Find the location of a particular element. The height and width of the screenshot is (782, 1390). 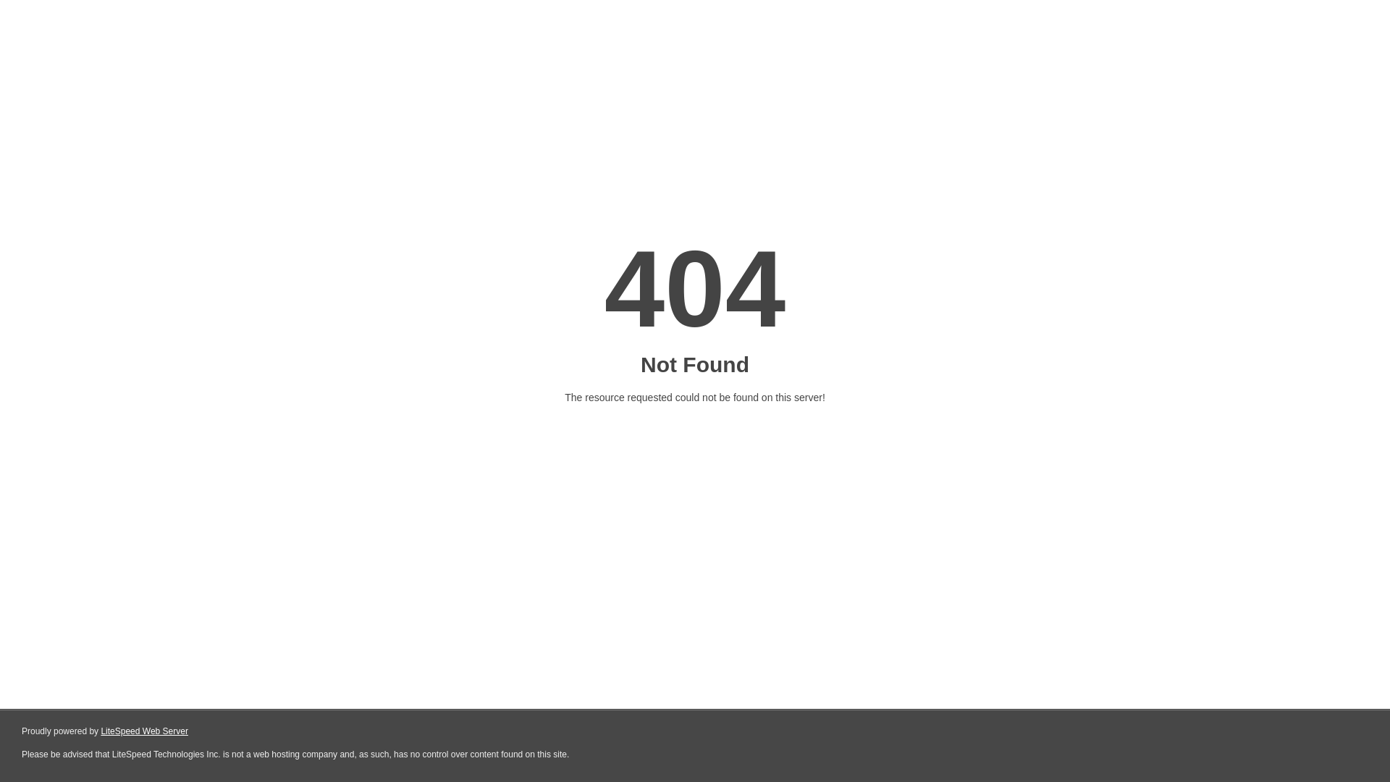

'LiteSpeed Web Server' is located at coordinates (100, 731).